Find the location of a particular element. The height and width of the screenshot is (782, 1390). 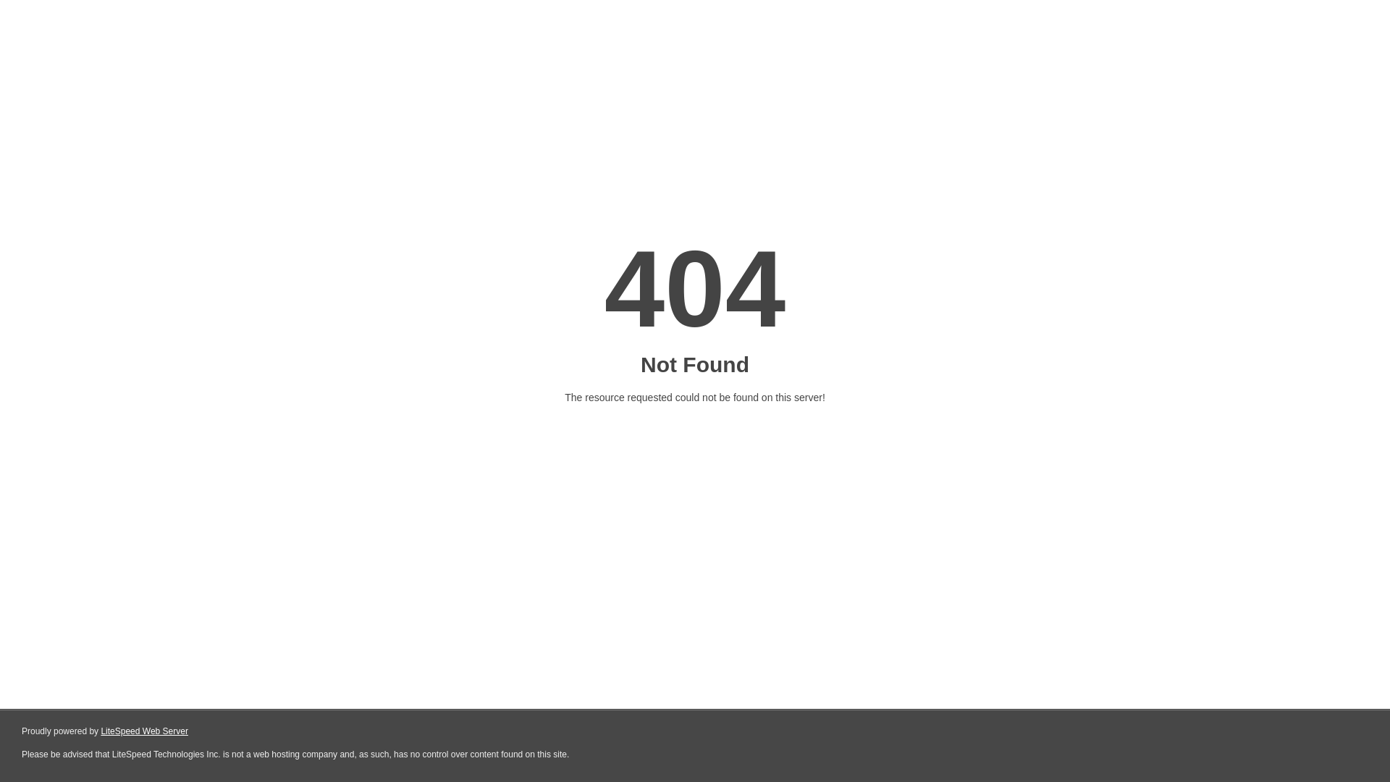

'LiteSpeed Web Server' is located at coordinates (100, 731).